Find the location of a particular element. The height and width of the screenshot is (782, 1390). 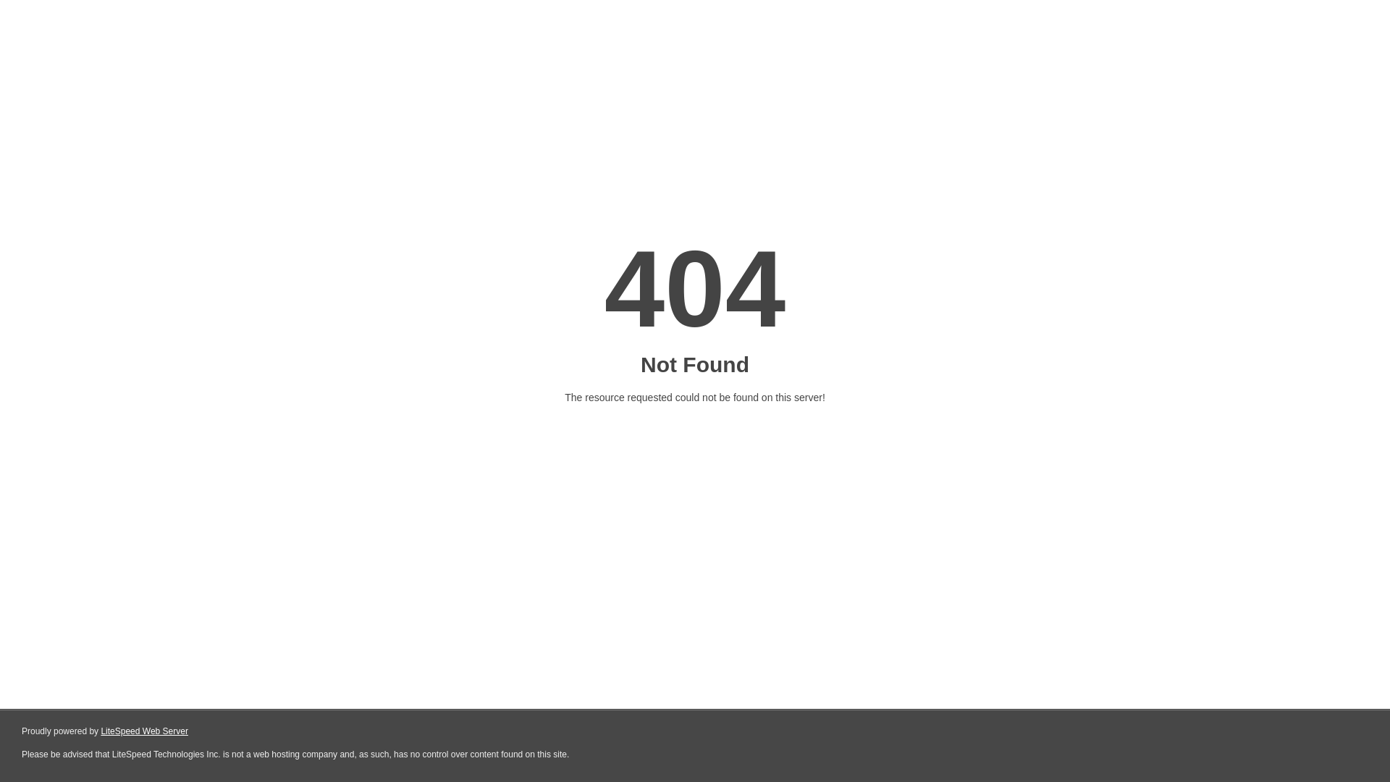

'LiteSpeed Web Server' is located at coordinates (100, 731).